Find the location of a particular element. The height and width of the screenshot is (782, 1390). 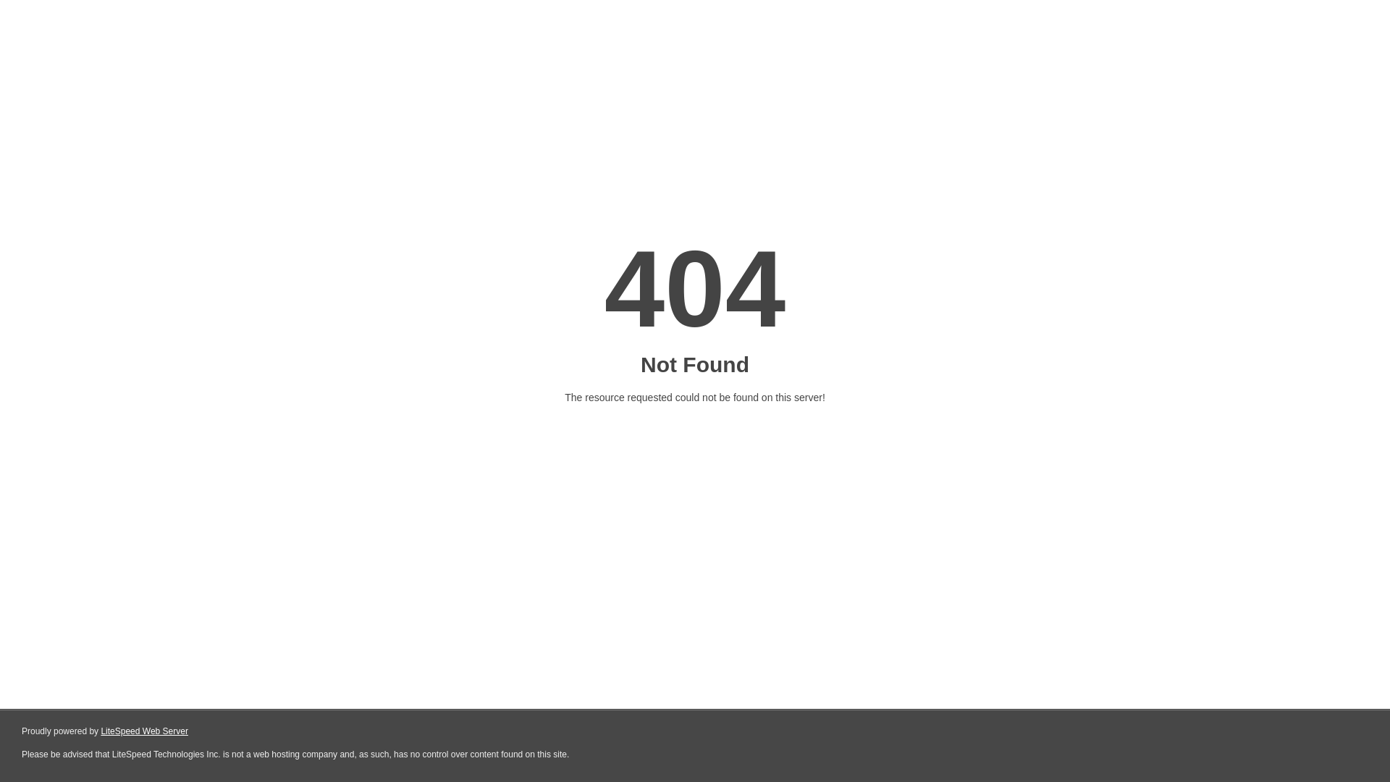

'LiteSpeed Web Server' is located at coordinates (100, 731).